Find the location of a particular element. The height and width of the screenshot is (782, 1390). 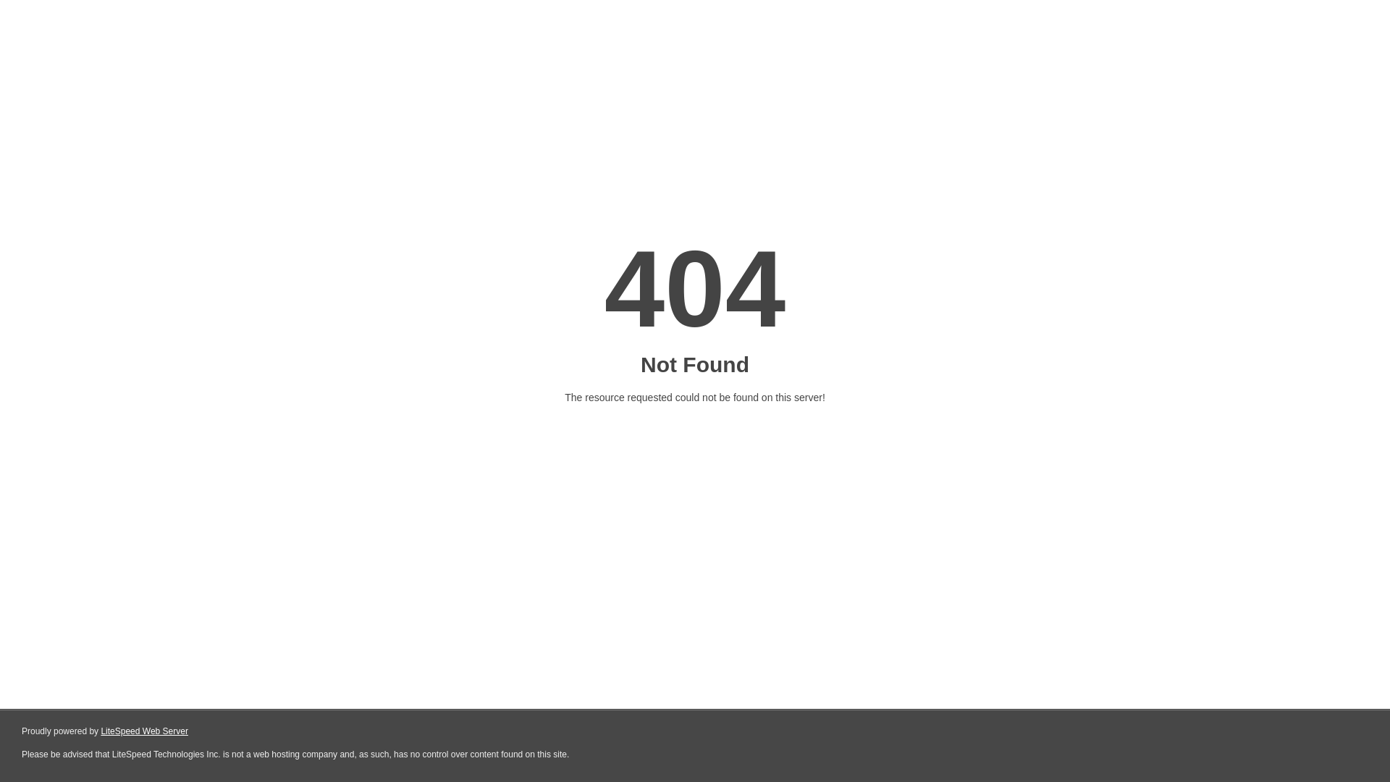

'LiteSpeed Web Server' is located at coordinates (100, 731).